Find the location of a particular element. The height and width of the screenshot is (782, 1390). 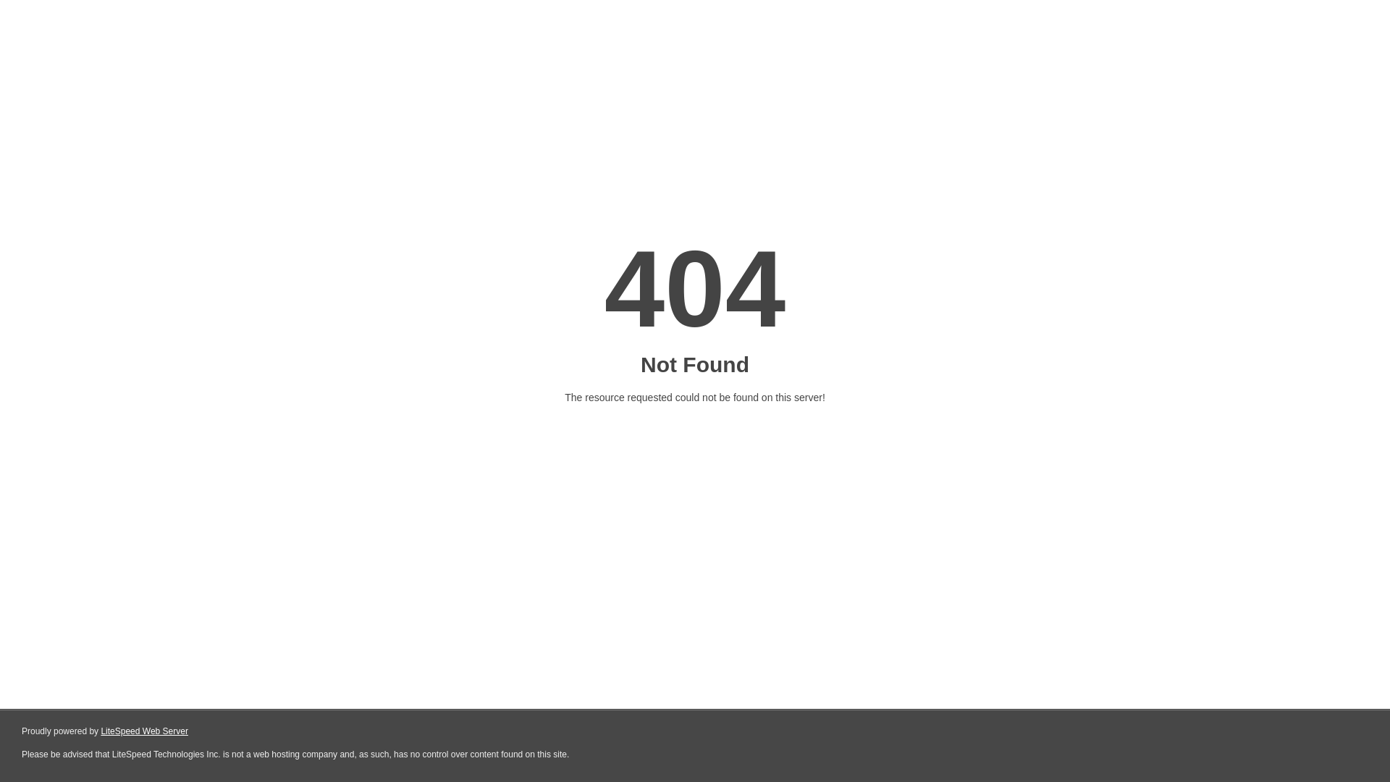

'LiteSpeed Web Server' is located at coordinates (100, 731).